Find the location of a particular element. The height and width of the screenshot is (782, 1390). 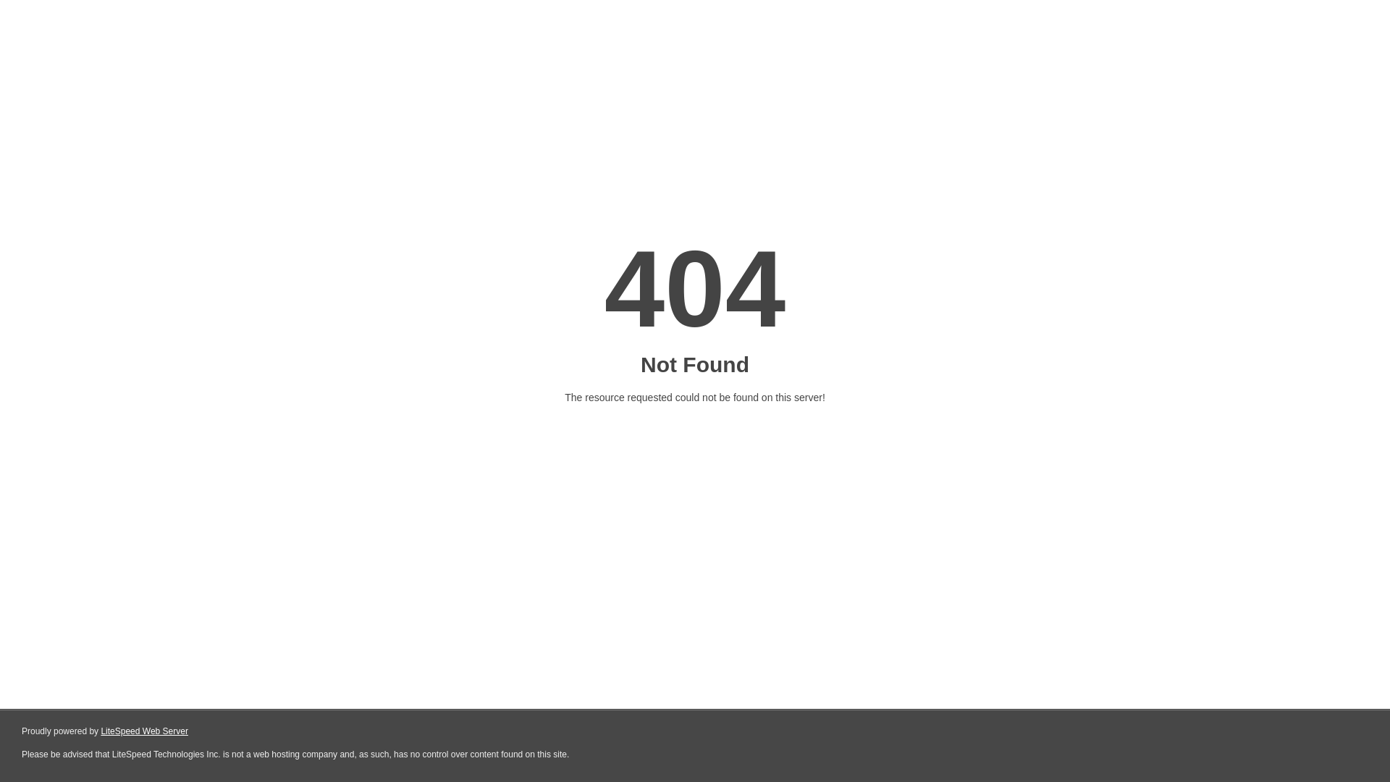

'LiteSpeed Web Server' is located at coordinates (100, 731).